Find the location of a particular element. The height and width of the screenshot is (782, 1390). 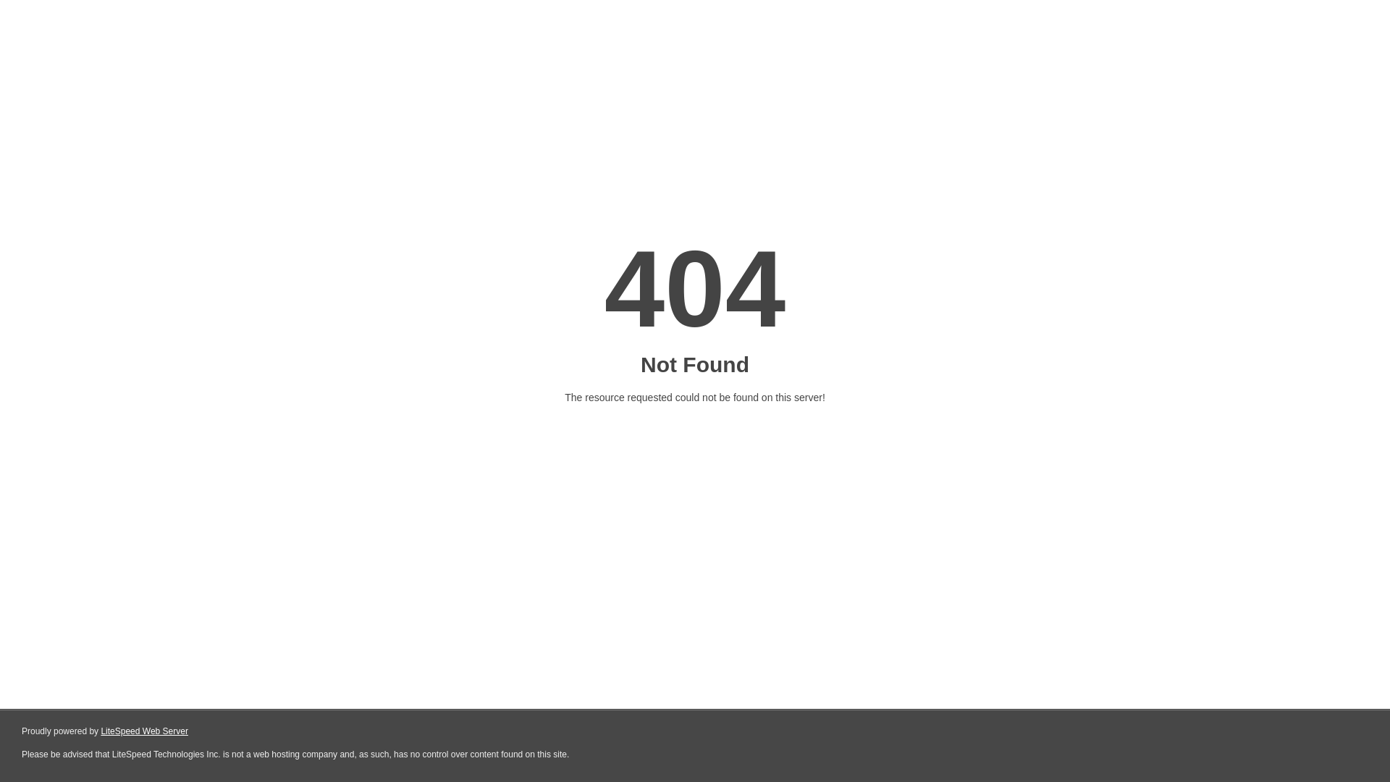

'LiteSpeed Web Server' is located at coordinates (100, 731).